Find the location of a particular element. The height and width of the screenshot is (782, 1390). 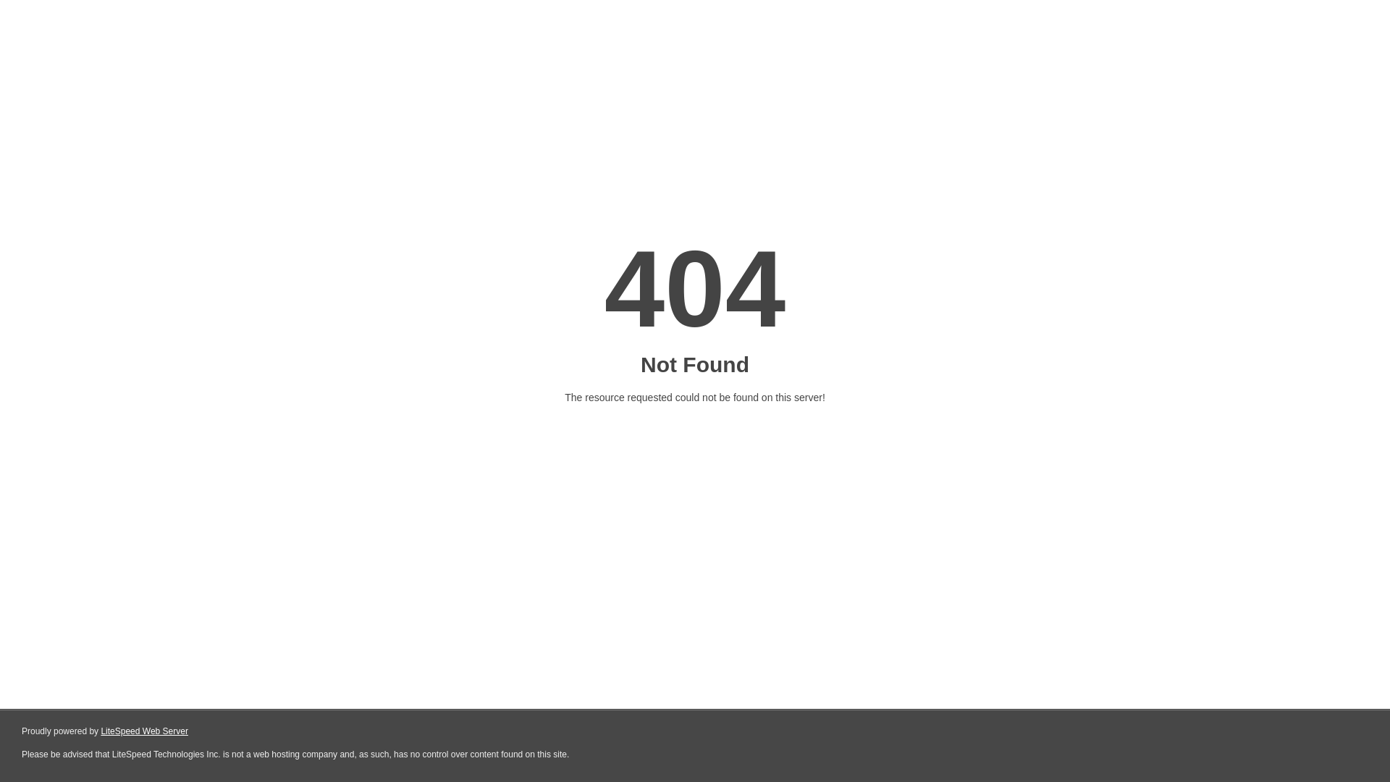

'LiteSpeed Web Server' is located at coordinates (100, 731).